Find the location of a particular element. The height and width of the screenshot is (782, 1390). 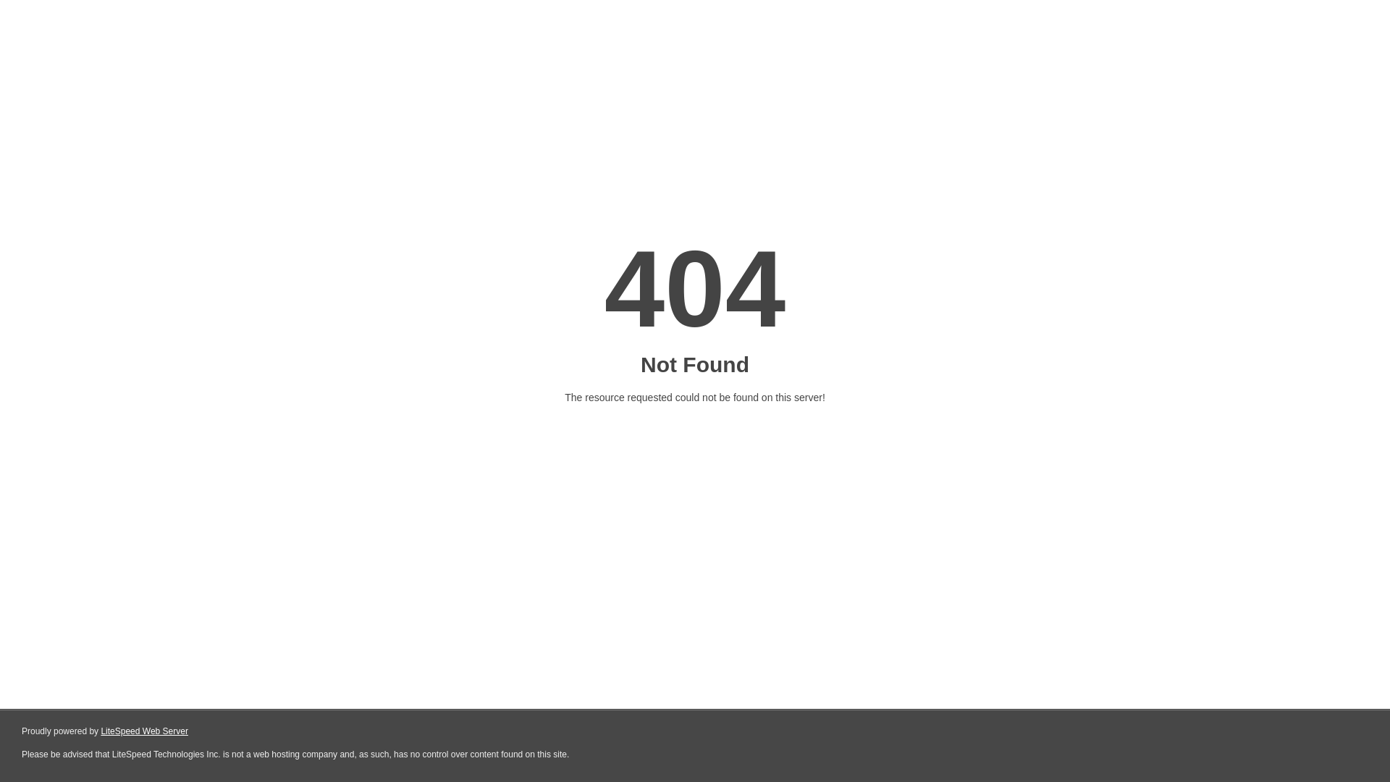

'LiteSpeed Web Server' is located at coordinates (100, 731).